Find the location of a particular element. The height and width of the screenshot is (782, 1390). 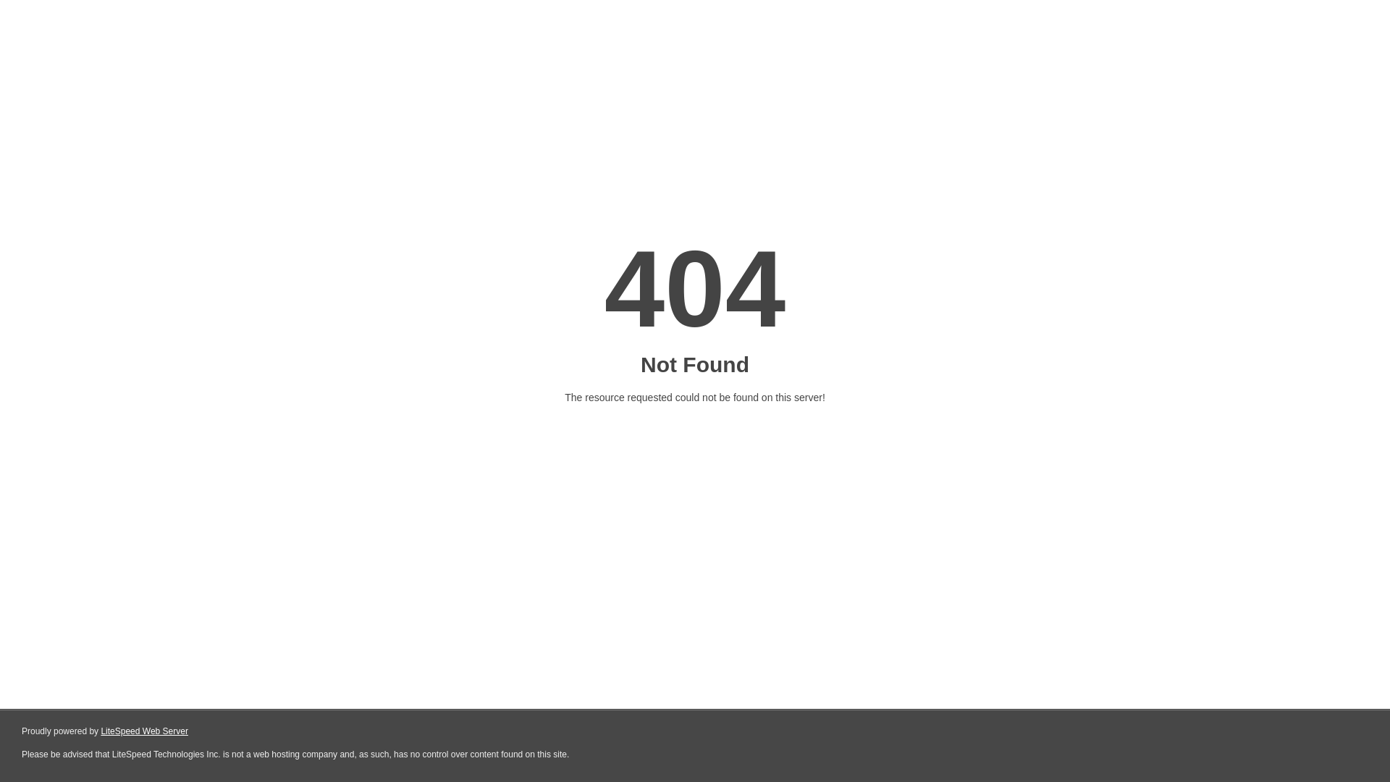

'LiteSpeed Web Server' is located at coordinates (100, 731).